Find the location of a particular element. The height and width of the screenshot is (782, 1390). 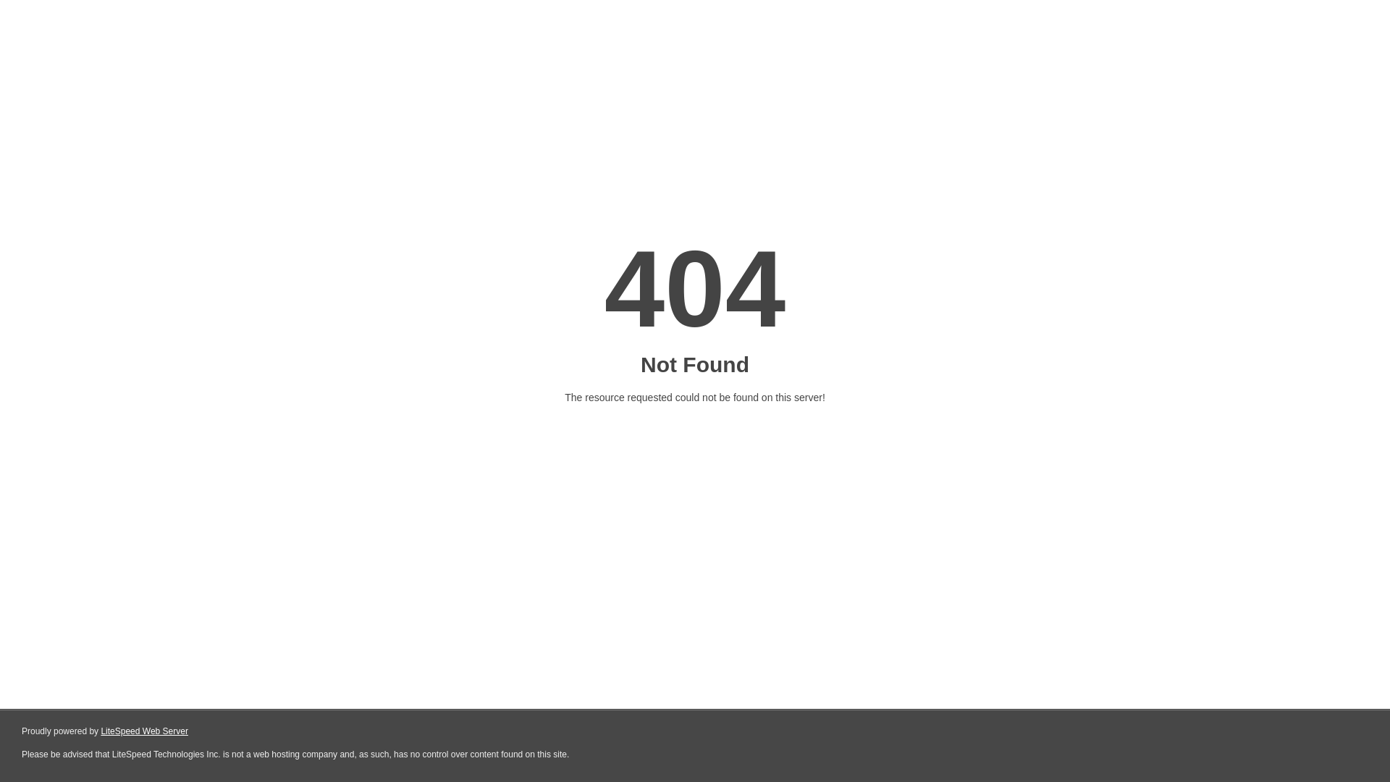

'LiteSpeed Web Server' is located at coordinates (100, 731).